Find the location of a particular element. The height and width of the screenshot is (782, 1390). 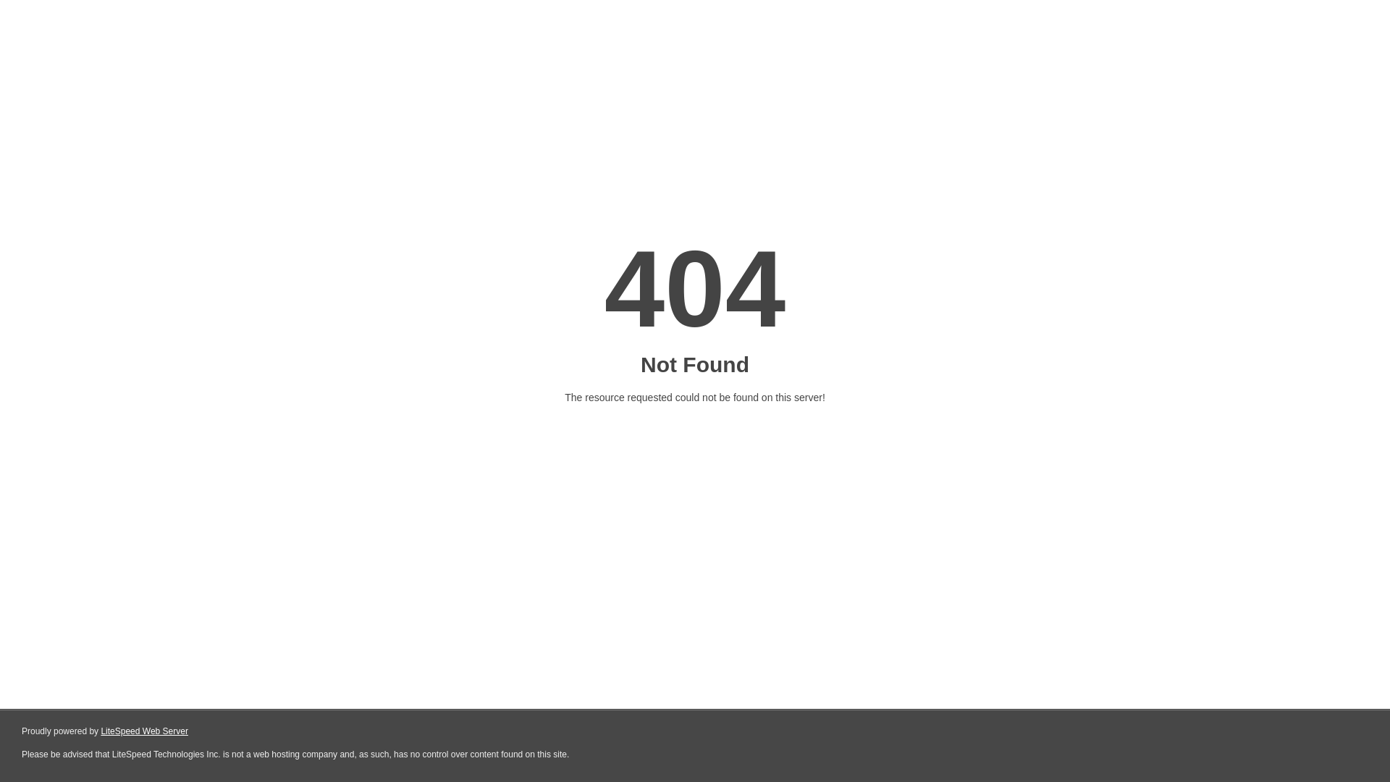

'LiteSpeed Web Server' is located at coordinates (100, 731).